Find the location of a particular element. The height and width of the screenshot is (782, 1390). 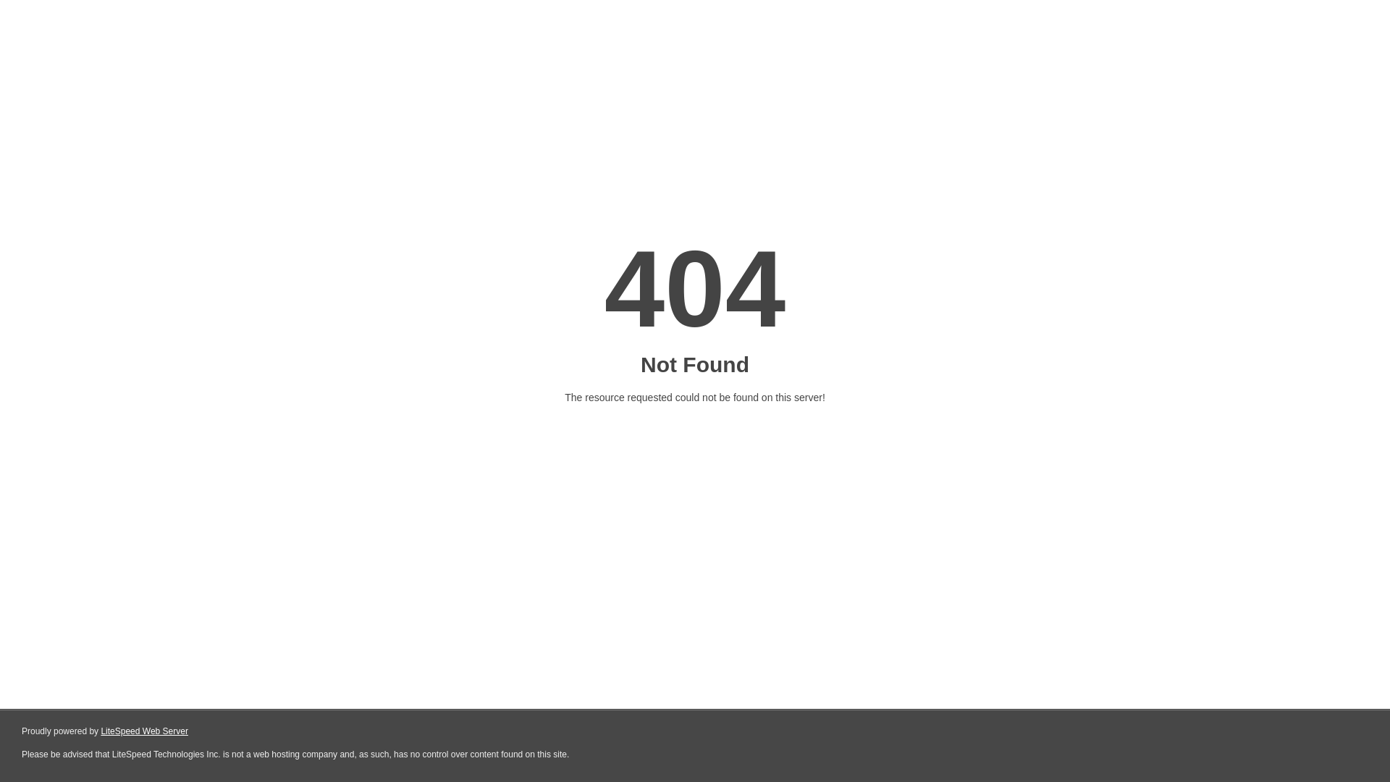

'LiteSpeed Web Server' is located at coordinates (100, 731).